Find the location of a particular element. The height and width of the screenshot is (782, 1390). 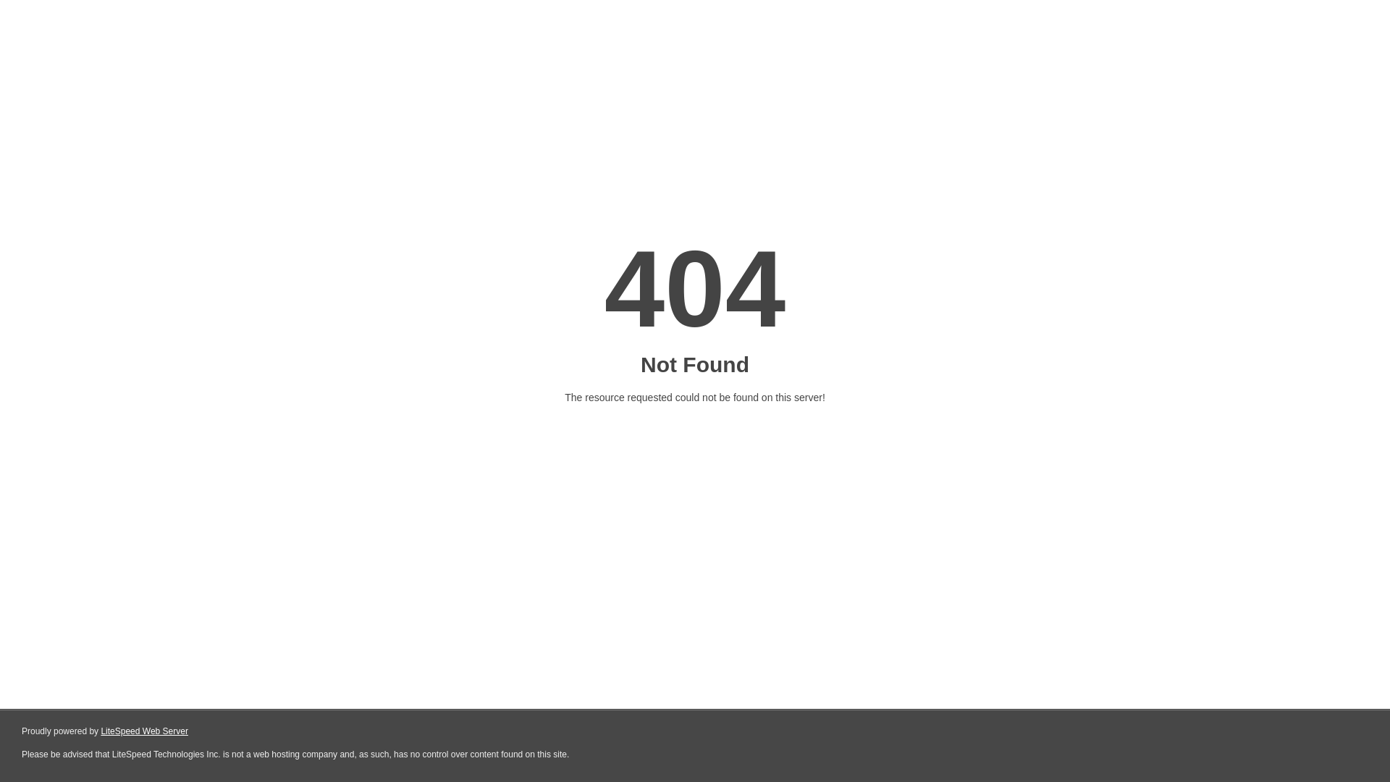

'LiteSpeed Web Server' is located at coordinates (100, 731).